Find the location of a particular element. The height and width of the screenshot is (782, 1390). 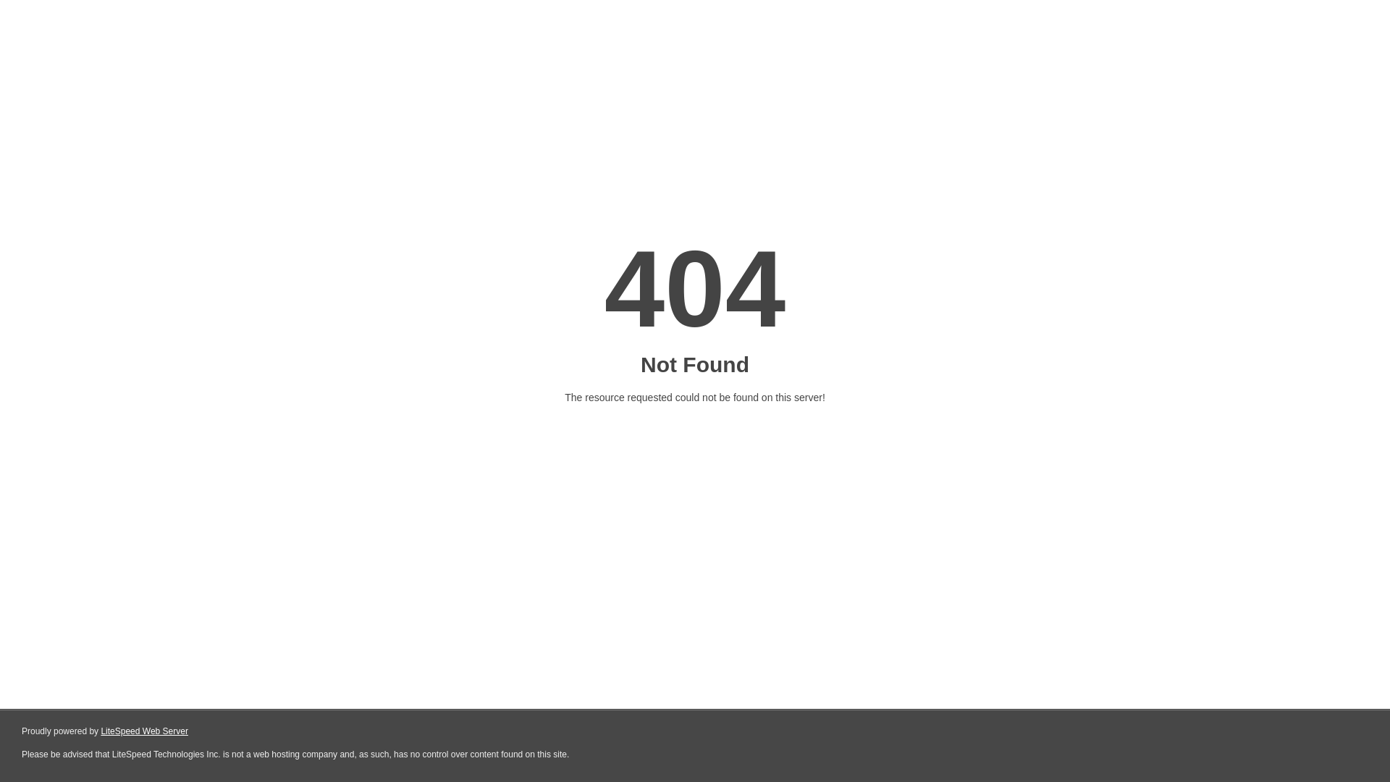

'LiteSpeed Web Server' is located at coordinates (100, 731).